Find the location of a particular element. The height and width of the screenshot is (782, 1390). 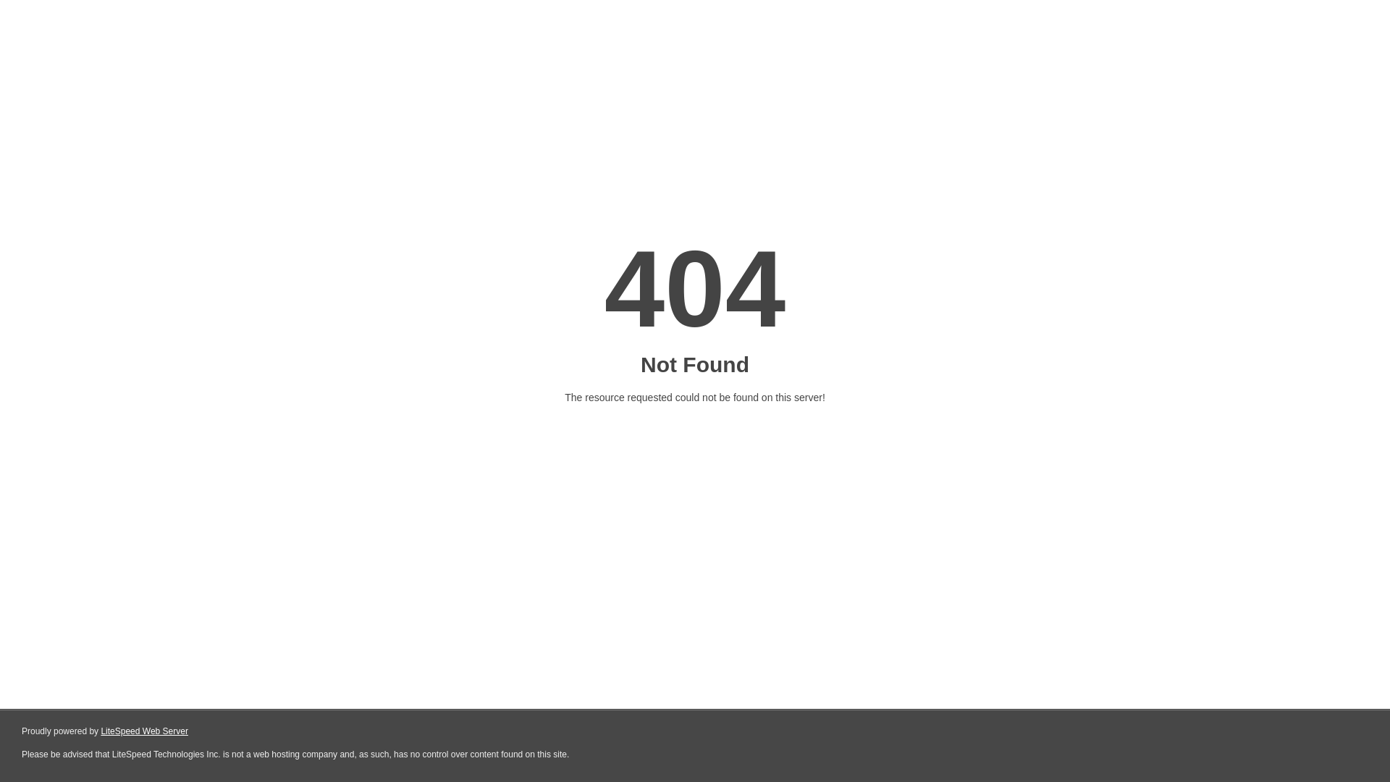

'LiteSpeed Web Server' is located at coordinates (100, 731).